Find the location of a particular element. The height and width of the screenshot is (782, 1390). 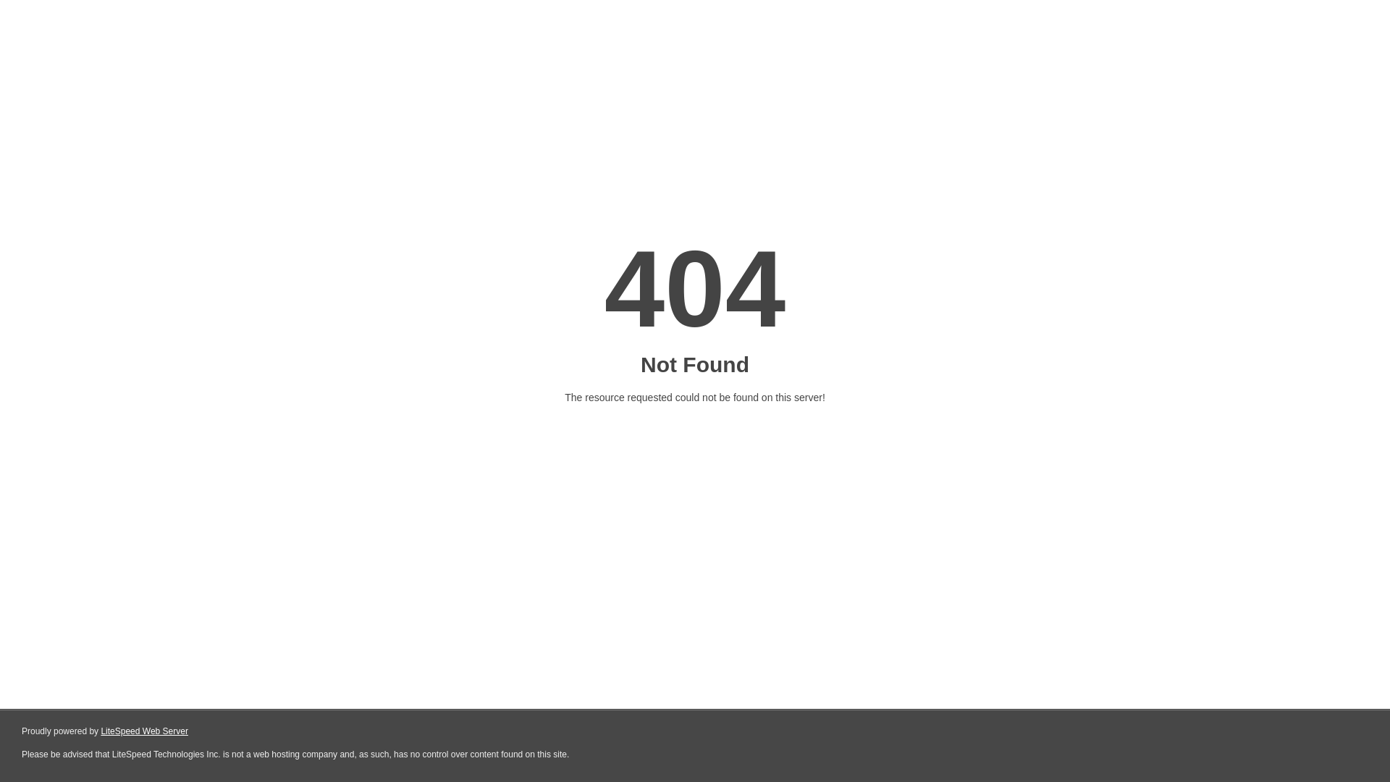

'LiteSpeed Web Server' is located at coordinates (100, 731).